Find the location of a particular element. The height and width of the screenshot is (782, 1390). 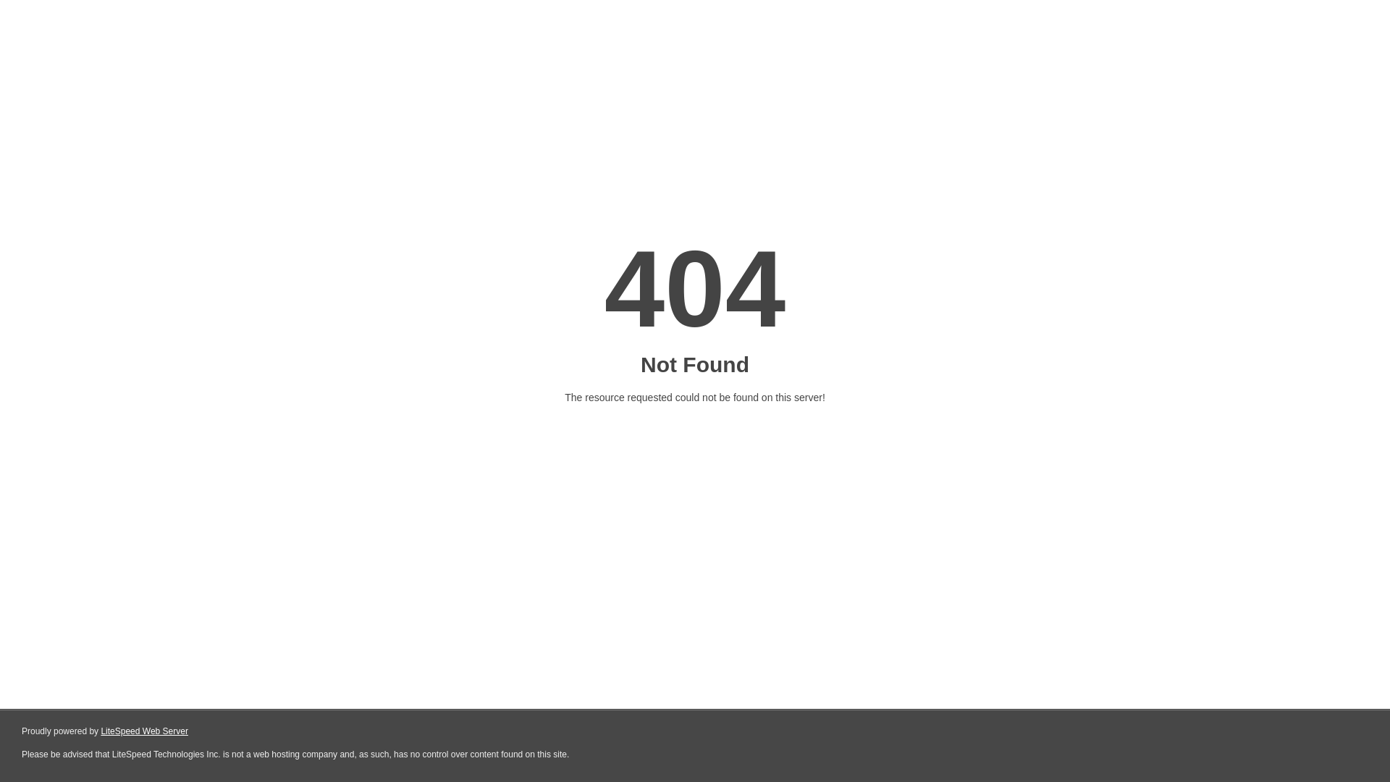

'LiteSpeed Web Server' is located at coordinates (100, 731).